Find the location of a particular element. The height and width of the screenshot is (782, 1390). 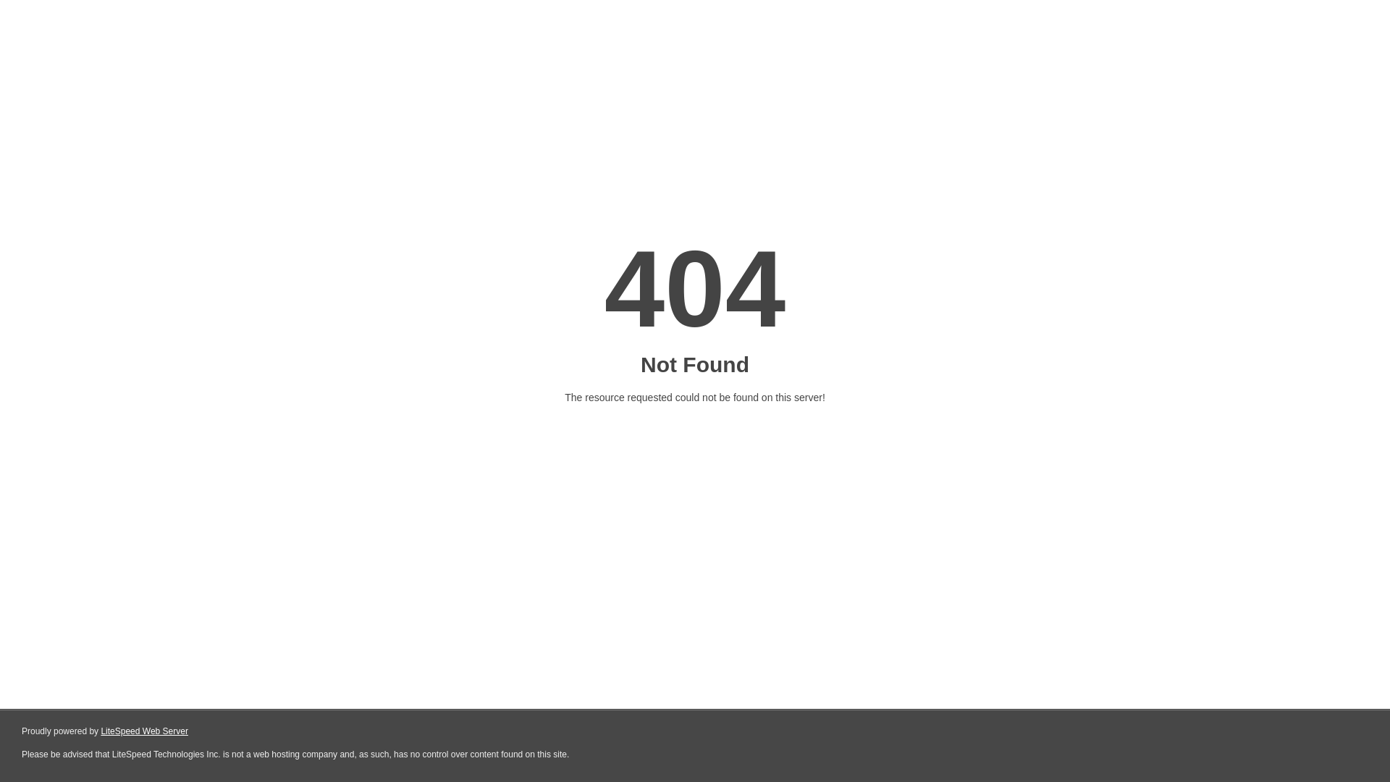

'LiteSpeed Web Server' is located at coordinates (100, 731).